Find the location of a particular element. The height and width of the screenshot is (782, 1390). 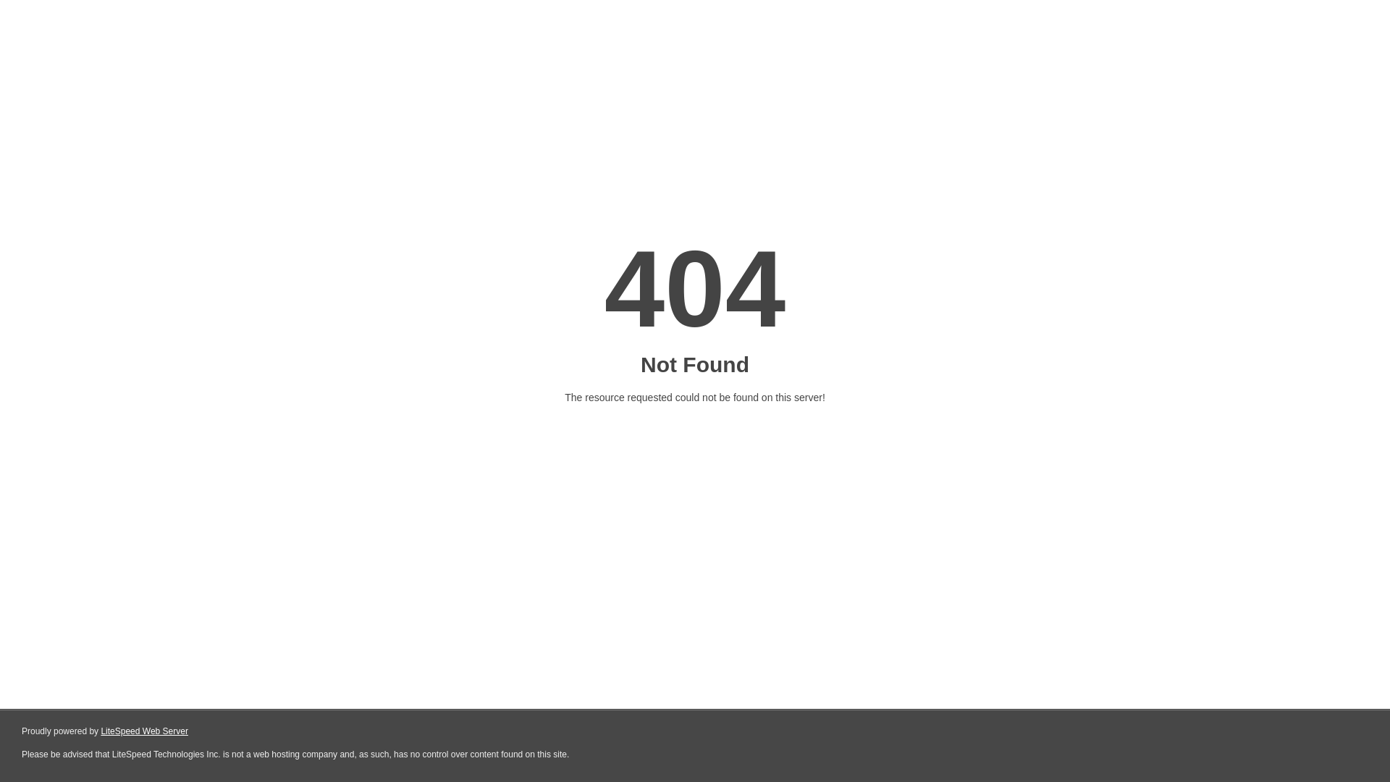

'LiteSpeed Web Server' is located at coordinates (100, 731).